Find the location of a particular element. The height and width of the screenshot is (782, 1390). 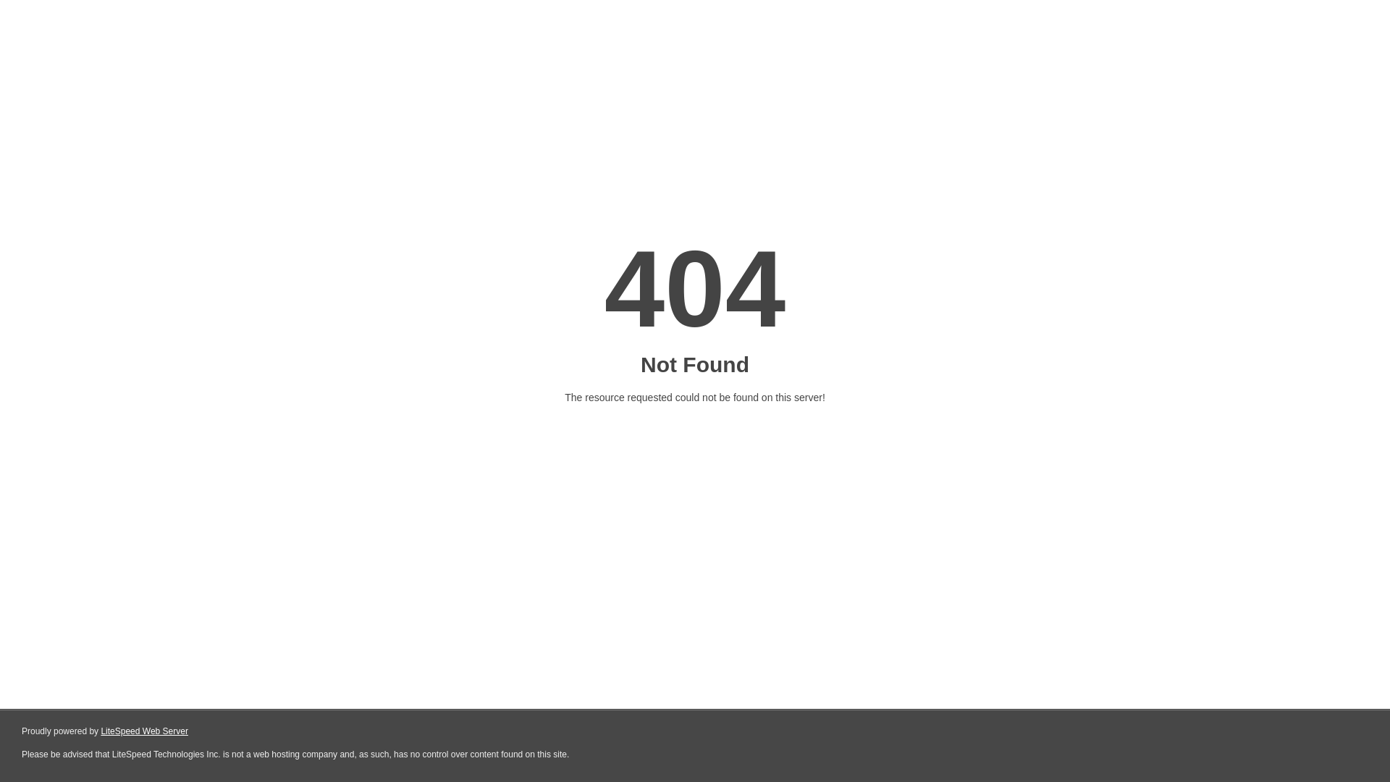

'LiteSpeed Web Server' is located at coordinates (100, 731).